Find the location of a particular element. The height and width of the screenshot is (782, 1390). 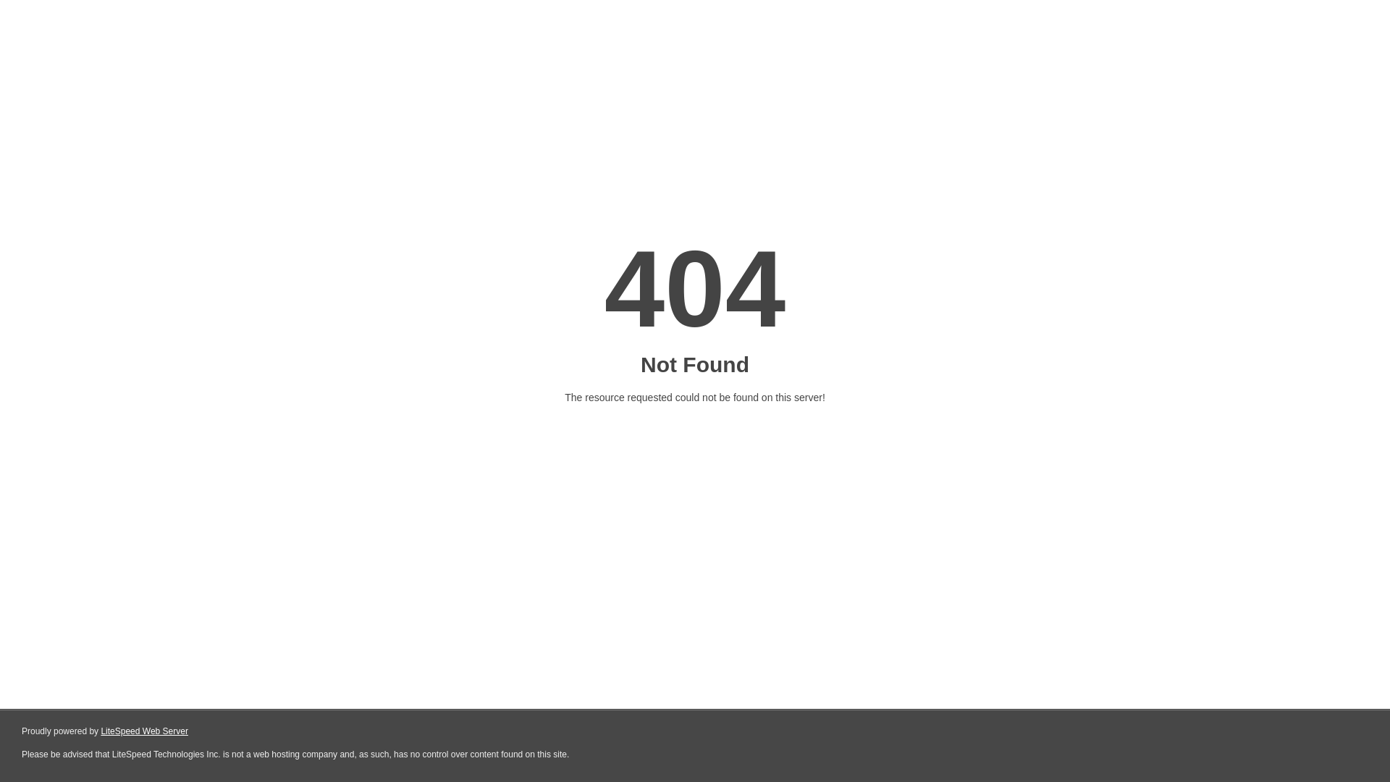

'LiteSpeed Web Server' is located at coordinates (100, 731).